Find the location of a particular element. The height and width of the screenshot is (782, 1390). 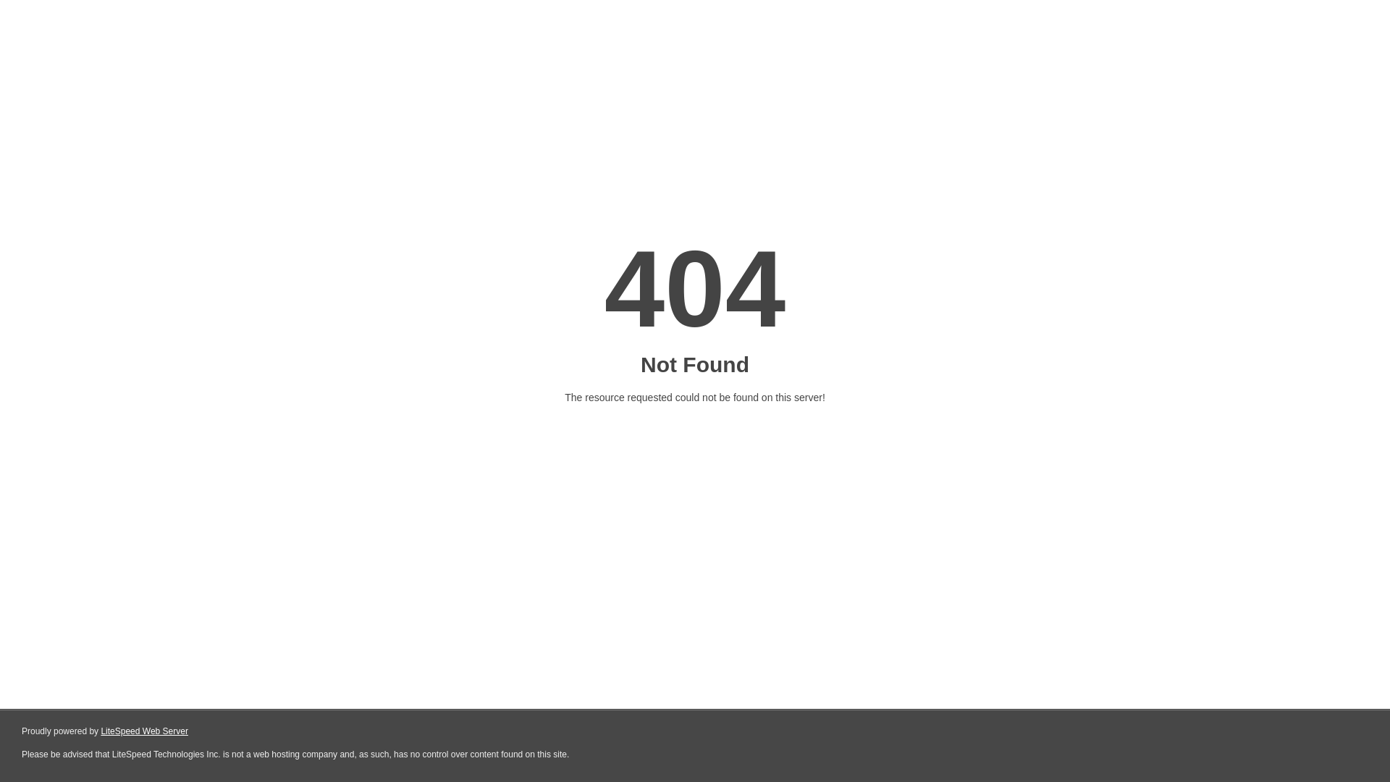

'LiteSpeed Web Server' is located at coordinates (100, 731).